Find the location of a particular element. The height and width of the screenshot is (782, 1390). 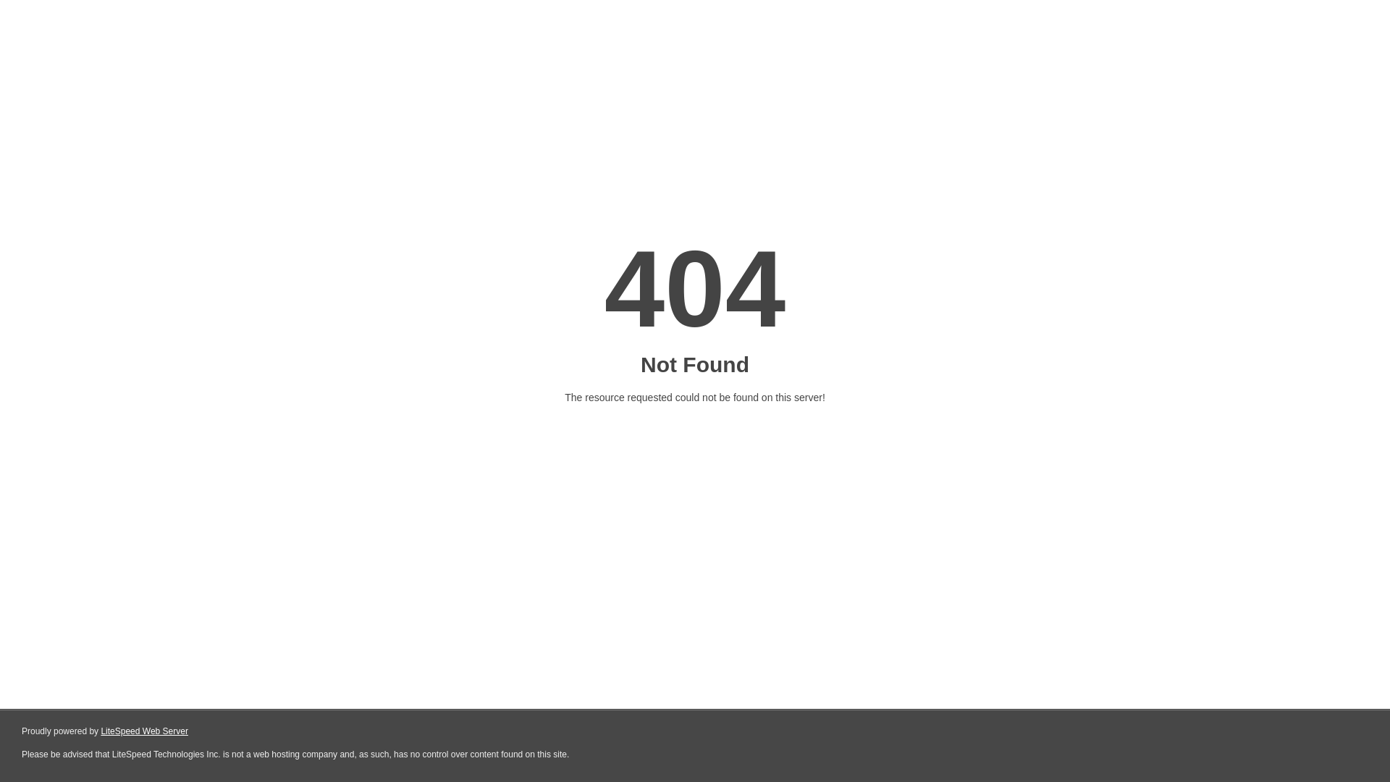

'LiteSpeed Web Server' is located at coordinates (100, 731).